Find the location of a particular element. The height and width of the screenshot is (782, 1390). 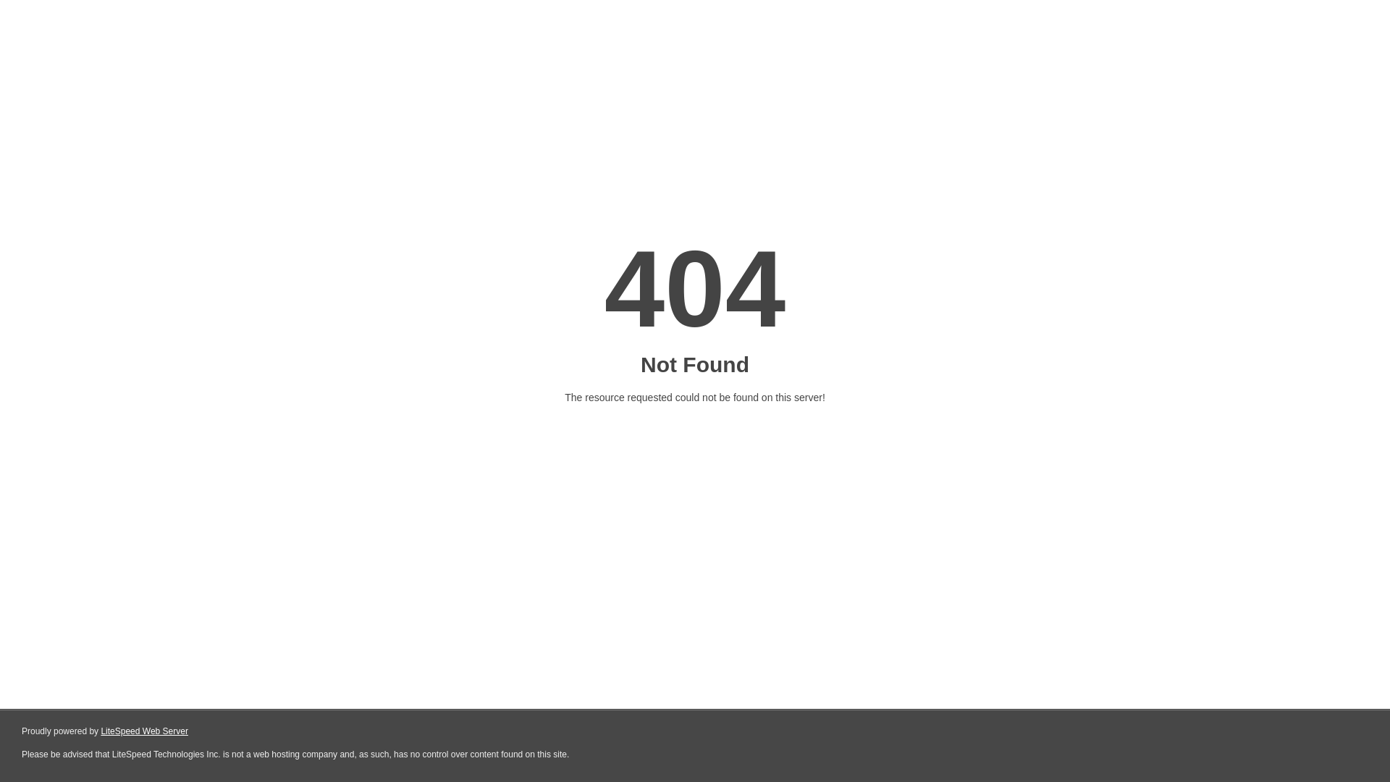

'LiteSpeed Web Server' is located at coordinates (100, 731).